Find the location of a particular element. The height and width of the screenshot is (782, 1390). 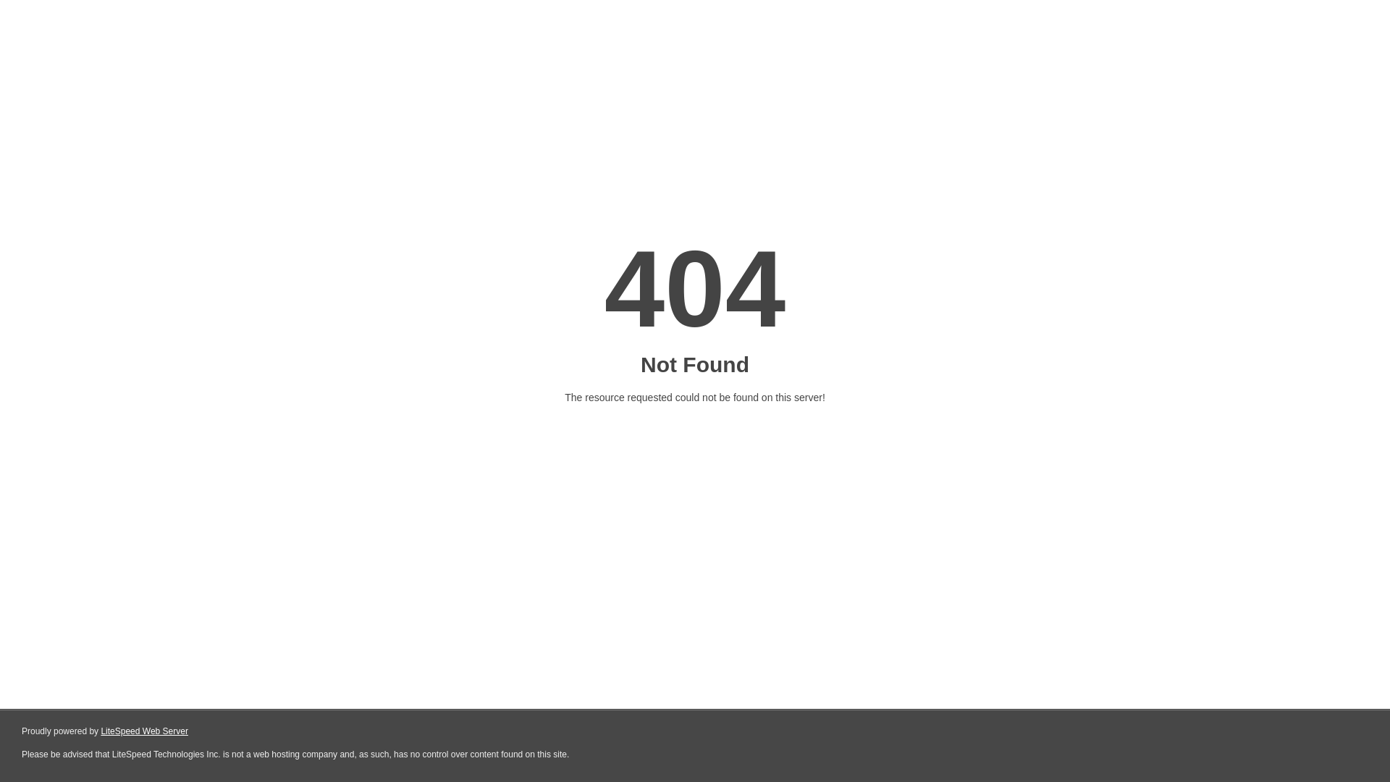

'LiteSpeed Web Server' is located at coordinates (100, 731).